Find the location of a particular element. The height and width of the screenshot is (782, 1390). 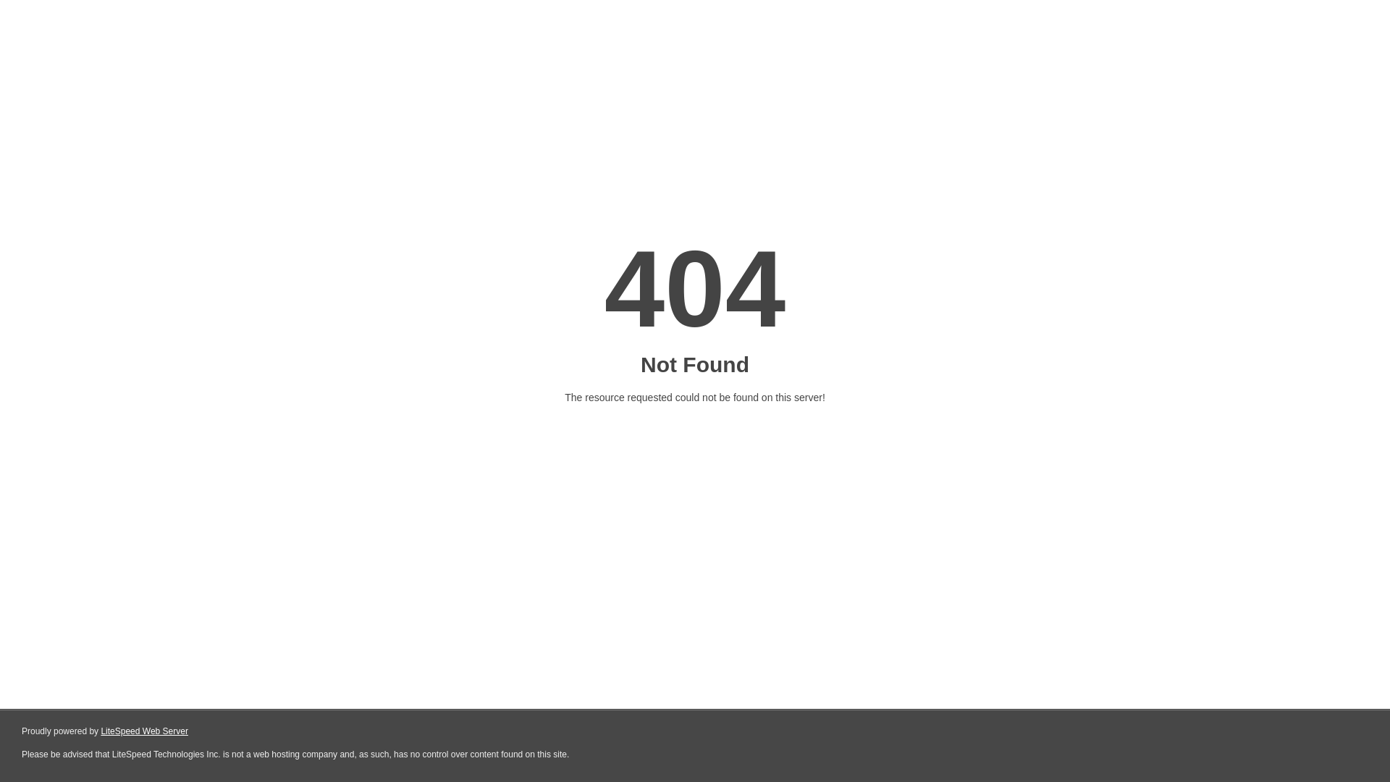

'LiteSpeed Web Server' is located at coordinates (100, 731).